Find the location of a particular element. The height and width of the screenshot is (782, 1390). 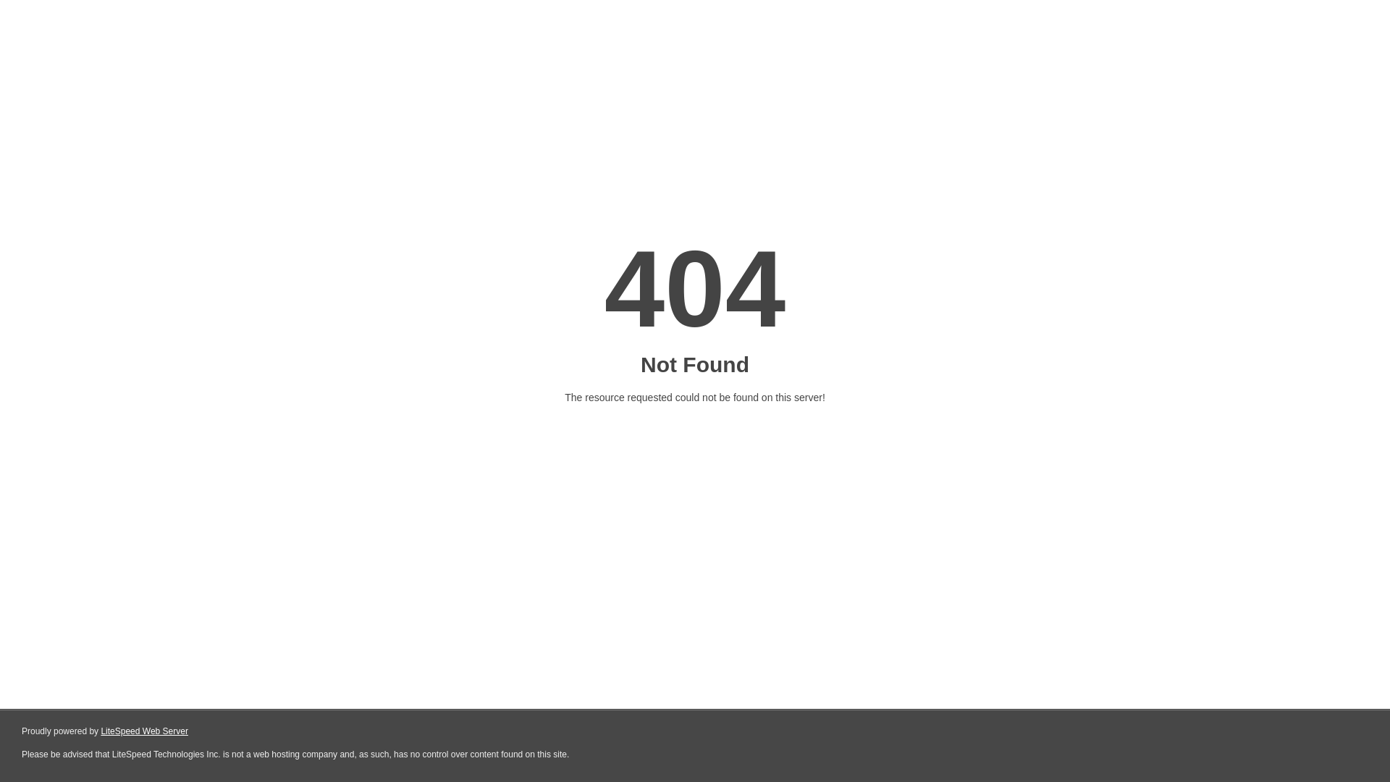

'LiteSpeed Web Server' is located at coordinates (100, 731).